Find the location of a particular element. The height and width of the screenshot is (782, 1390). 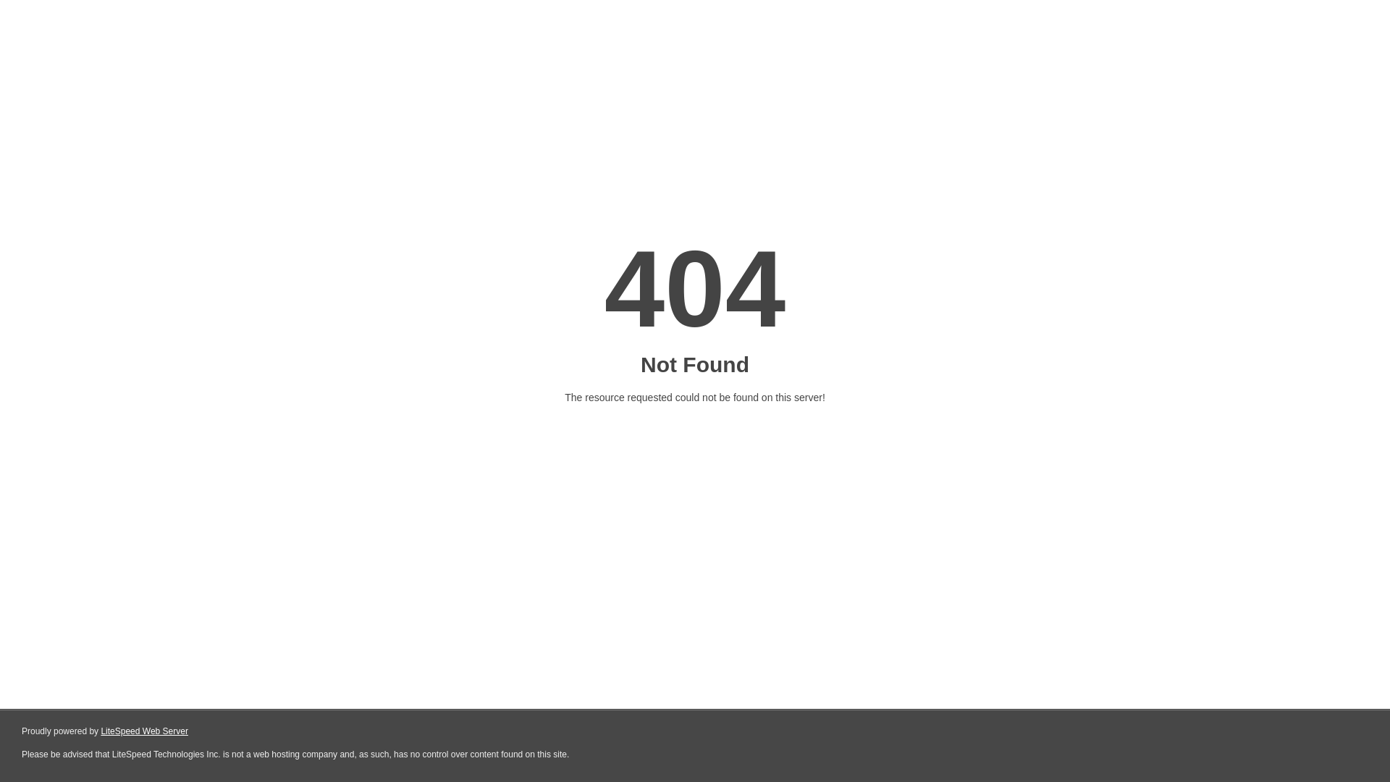

'LiteSpeed Web Server' is located at coordinates (100, 731).